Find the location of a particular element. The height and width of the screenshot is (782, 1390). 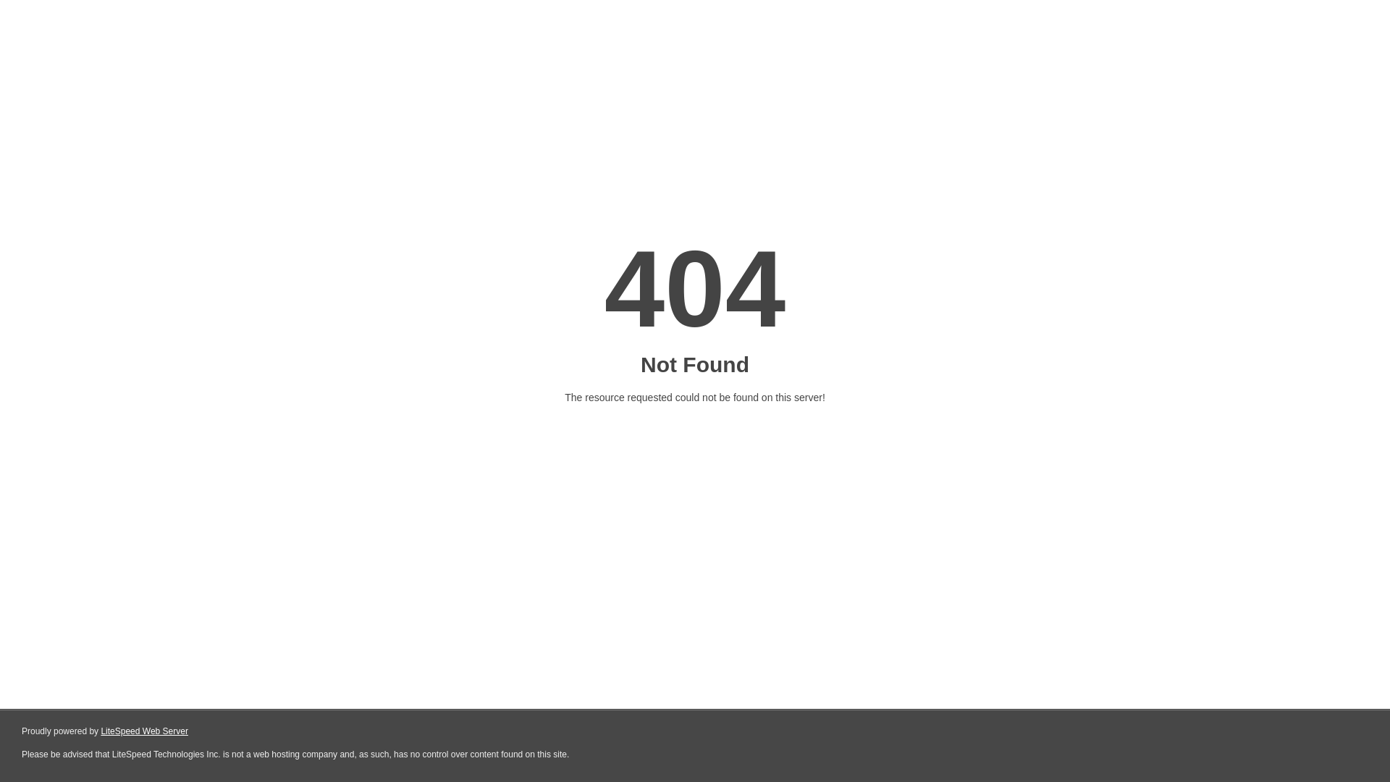

'LiteSpeed Web Server' is located at coordinates (100, 731).